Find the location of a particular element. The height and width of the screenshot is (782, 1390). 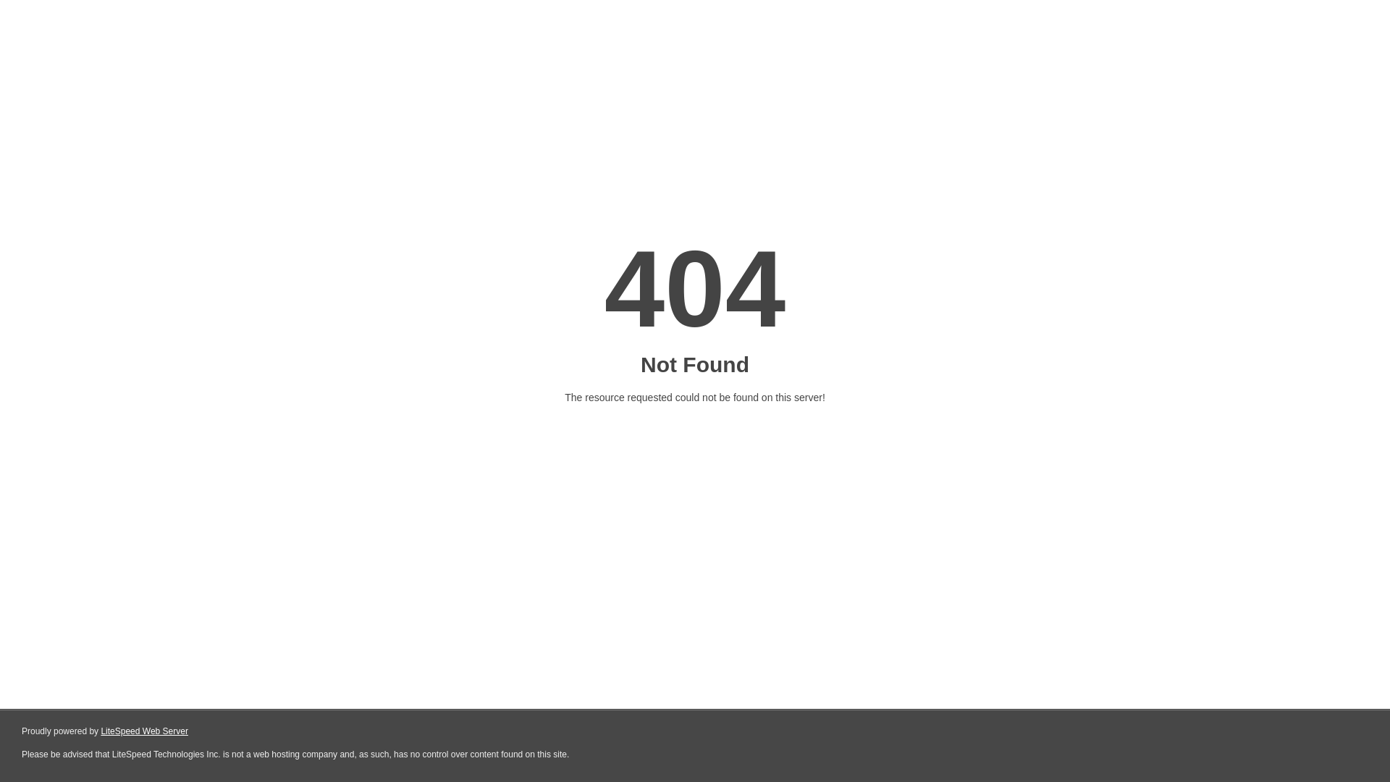

'LiteSpeed Web Server' is located at coordinates (100, 731).